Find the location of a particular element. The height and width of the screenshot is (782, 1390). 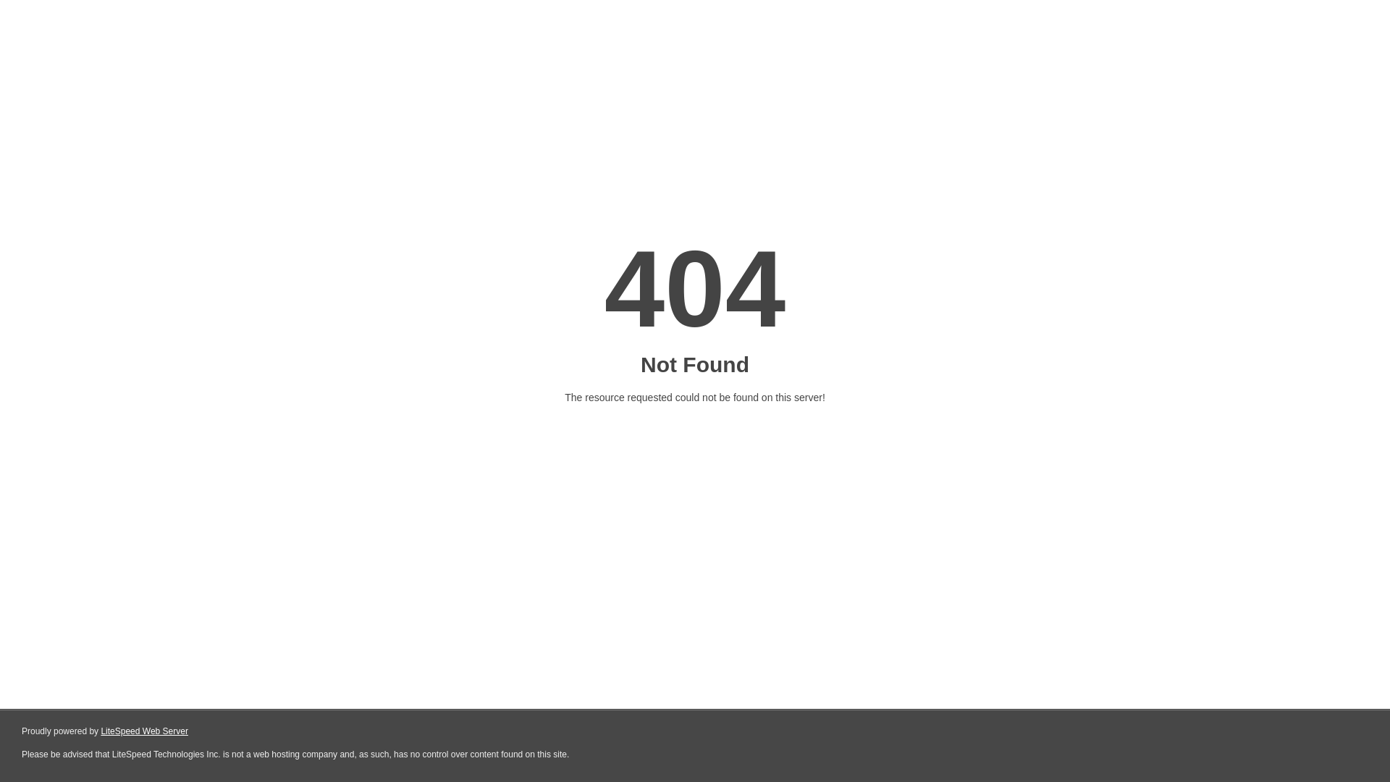

'LiteSpeed Web Server' is located at coordinates (100, 731).